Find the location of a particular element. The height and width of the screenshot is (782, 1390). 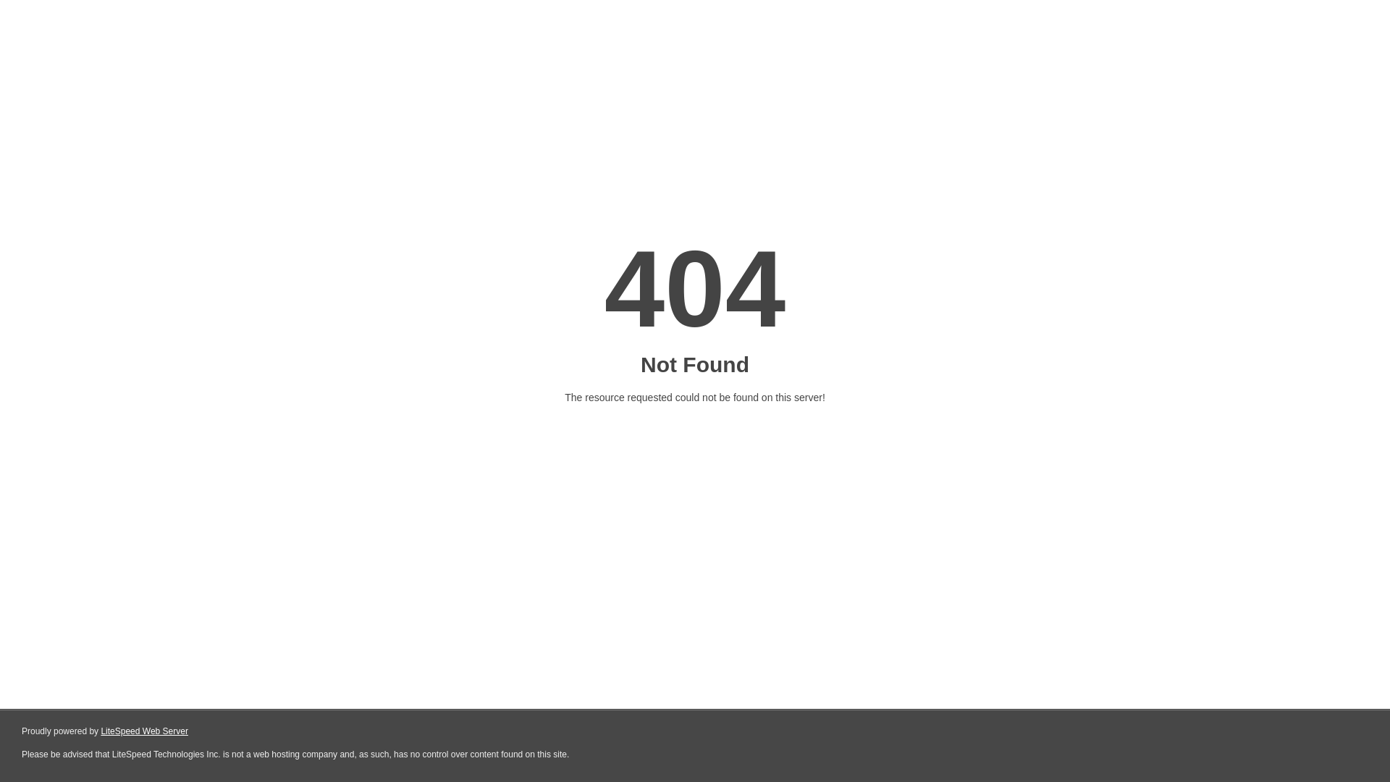

'LiteSpeed Web Server' is located at coordinates (100, 731).